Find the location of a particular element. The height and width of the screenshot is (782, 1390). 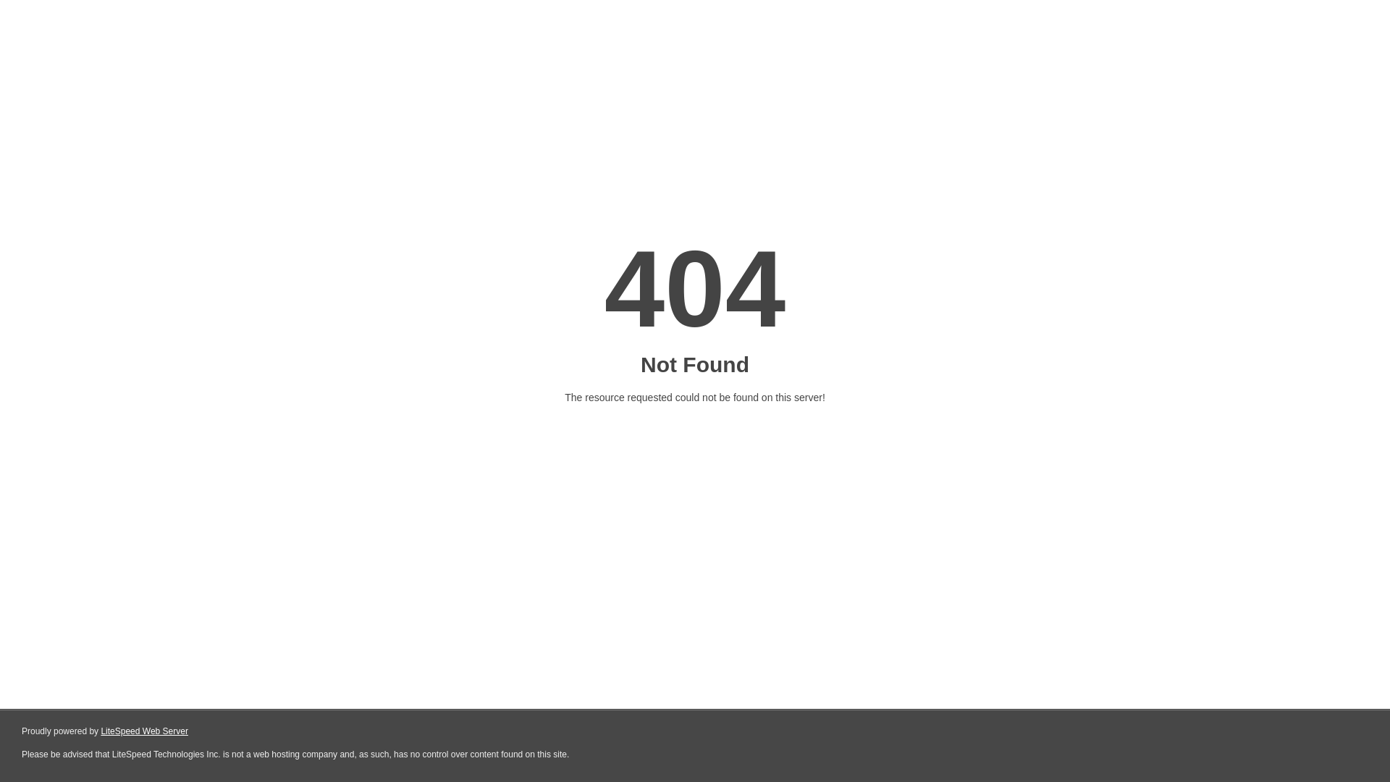

'LiteSpeed Web Server' is located at coordinates (100, 731).